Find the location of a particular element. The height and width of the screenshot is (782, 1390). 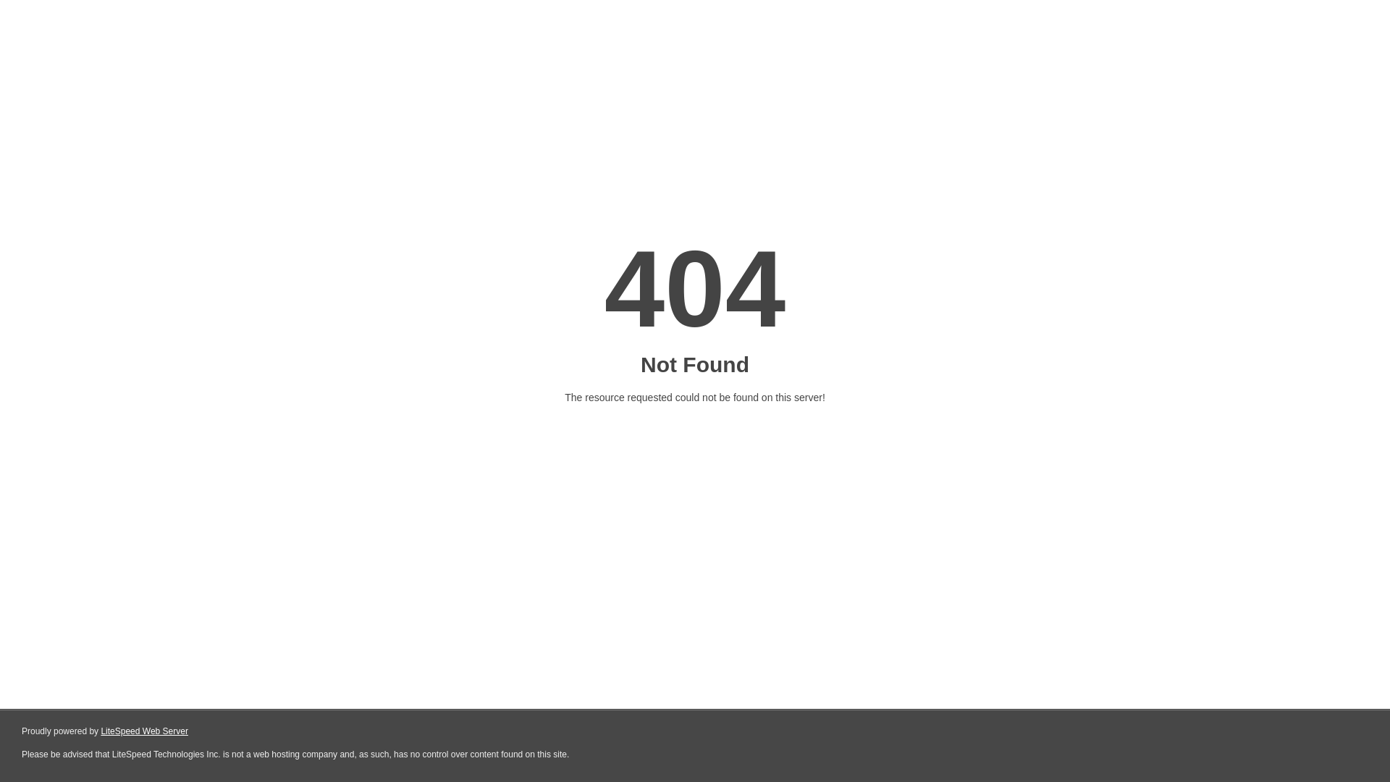

'LiteSpeed Web Server' is located at coordinates (100, 731).